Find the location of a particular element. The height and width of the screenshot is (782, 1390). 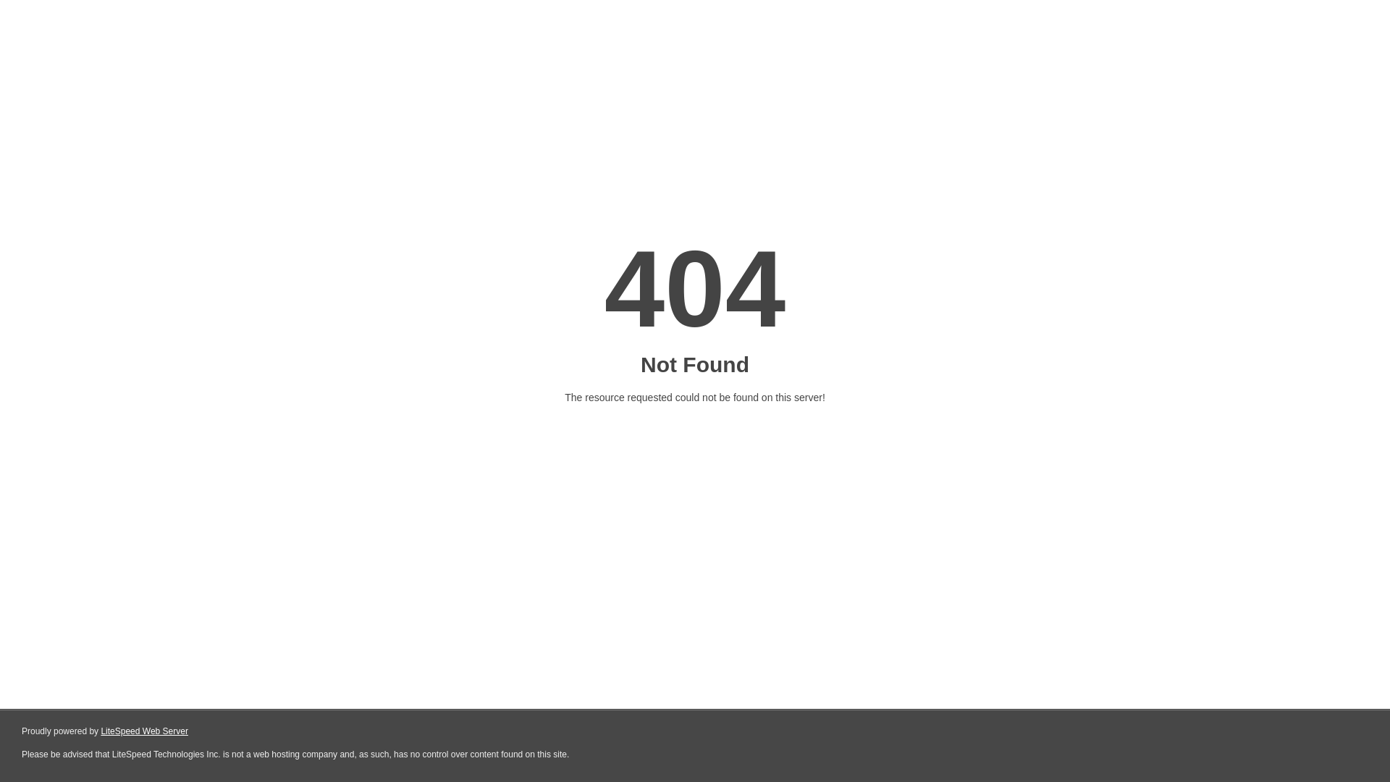

'LiteSpeed Web Server' is located at coordinates (100, 731).